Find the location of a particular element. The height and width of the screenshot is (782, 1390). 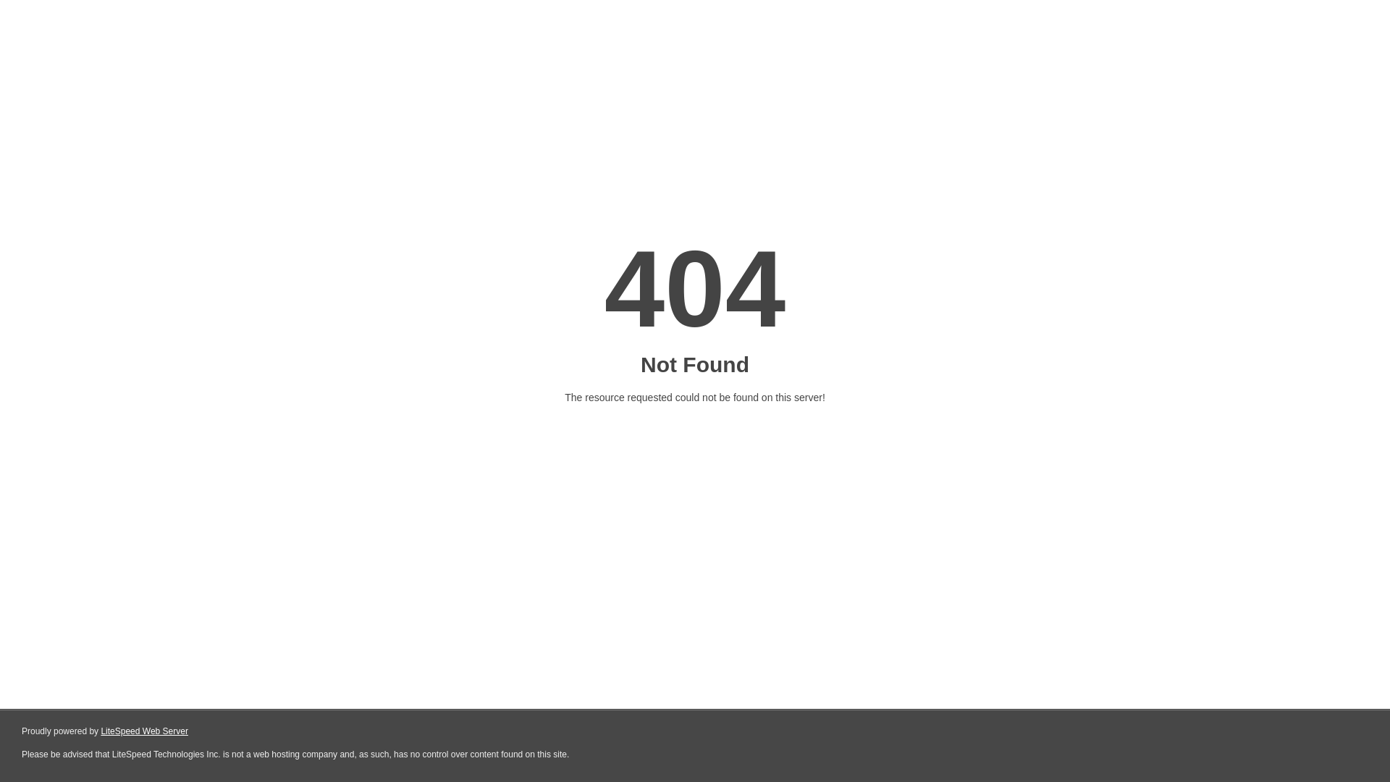

'LiteSpeed Web Server' is located at coordinates (100, 731).